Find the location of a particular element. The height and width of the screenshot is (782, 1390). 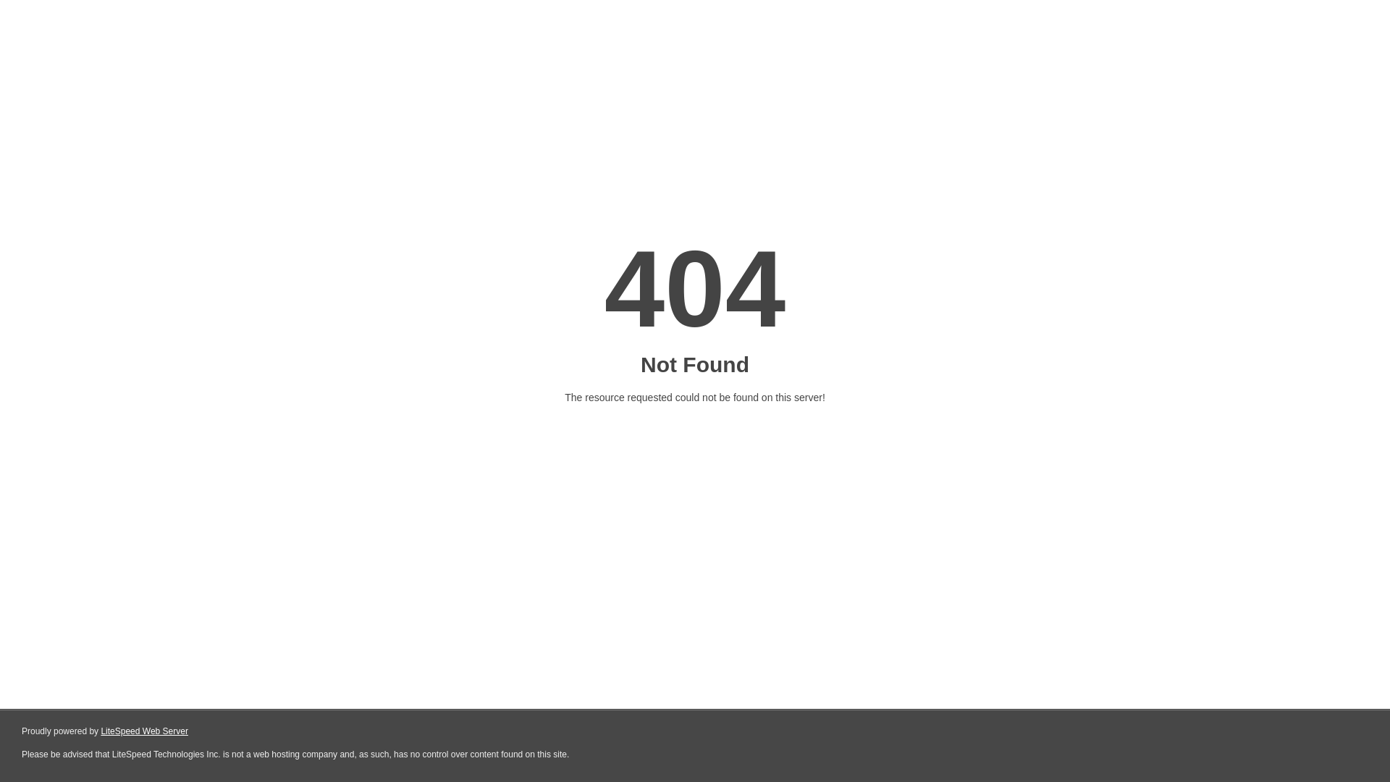

'LiteSpeed Web Server' is located at coordinates (100, 731).